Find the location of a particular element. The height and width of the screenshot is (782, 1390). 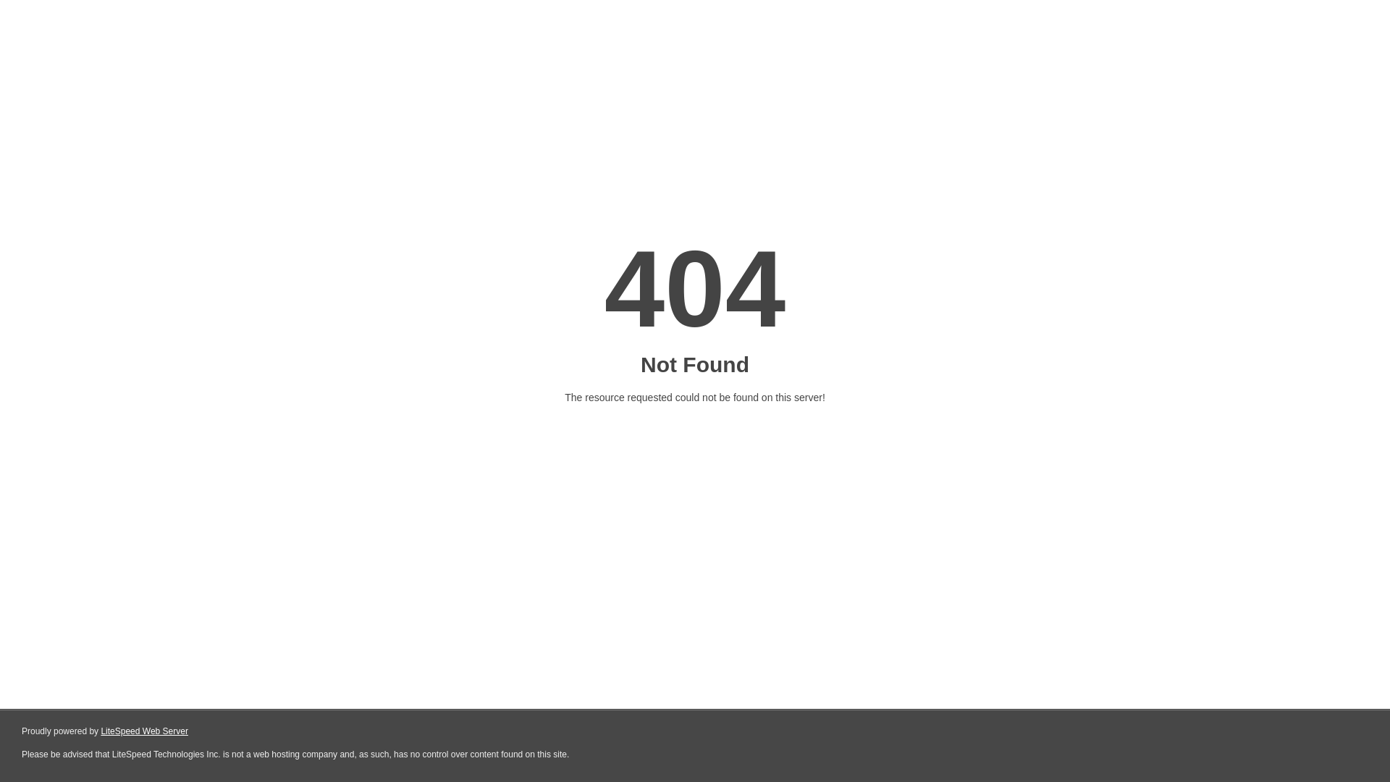

'LiteSpeed Web Server' is located at coordinates (100, 731).